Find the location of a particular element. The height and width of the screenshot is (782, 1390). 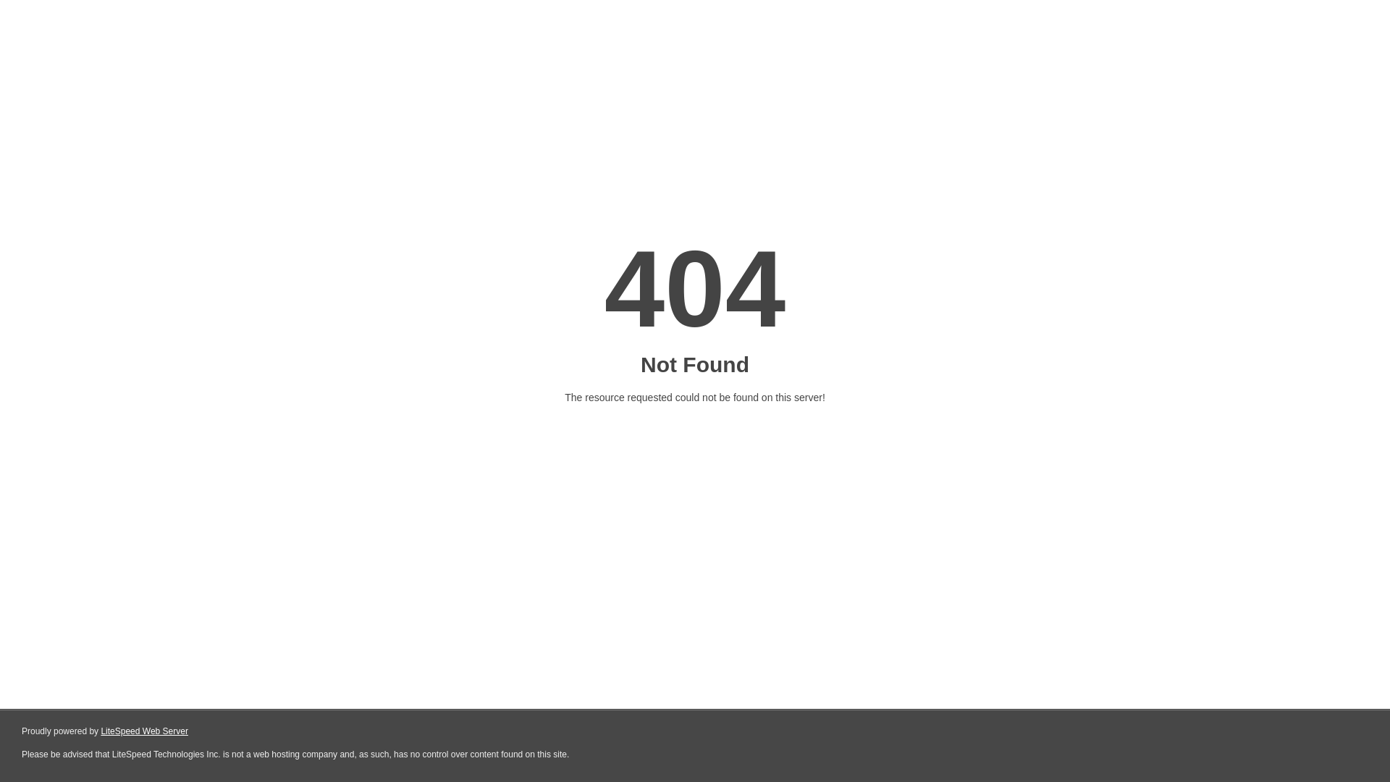

'LiteSpeed Web Server' is located at coordinates (100, 731).